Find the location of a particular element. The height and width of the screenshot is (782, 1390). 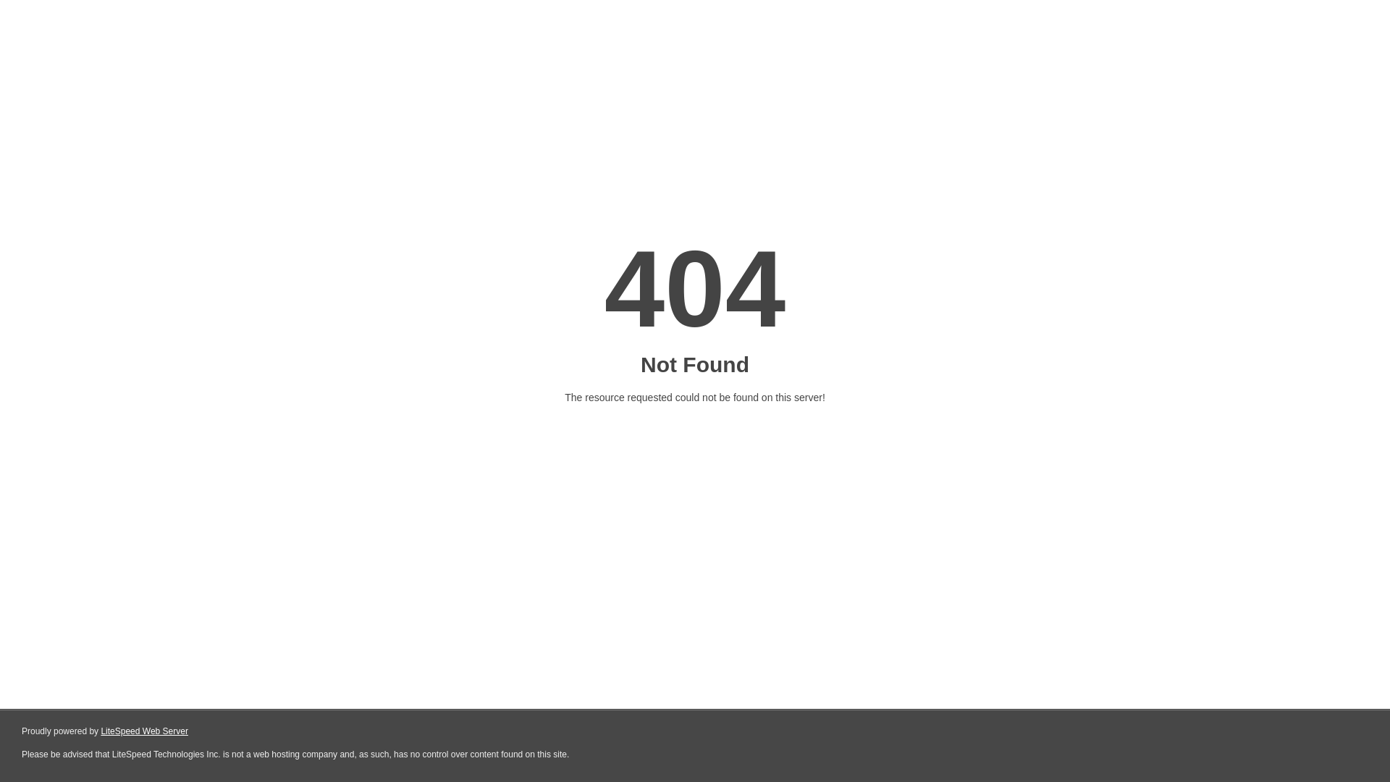

'LiteSpeed Web Server' is located at coordinates (100, 731).